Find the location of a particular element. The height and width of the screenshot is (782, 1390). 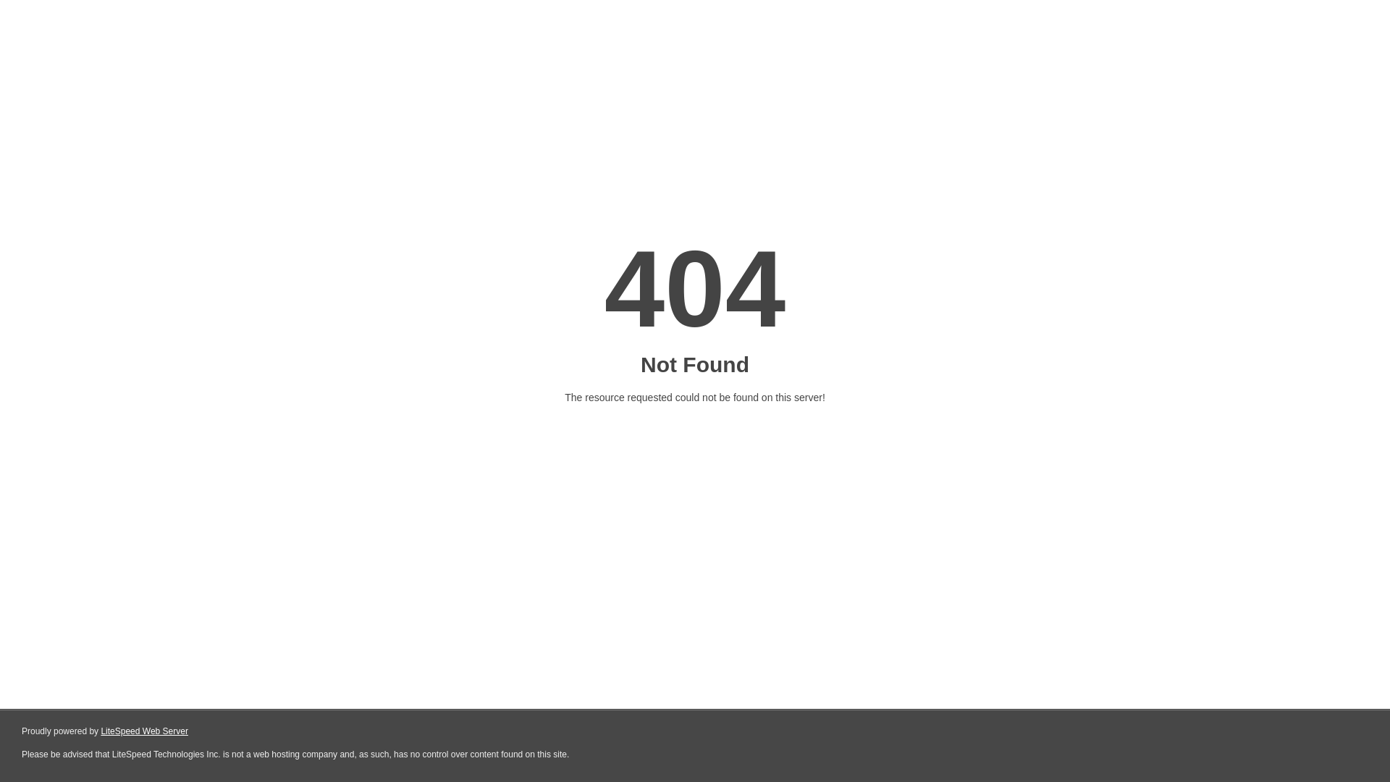

'LiteSpeed Web Server' is located at coordinates (100, 731).